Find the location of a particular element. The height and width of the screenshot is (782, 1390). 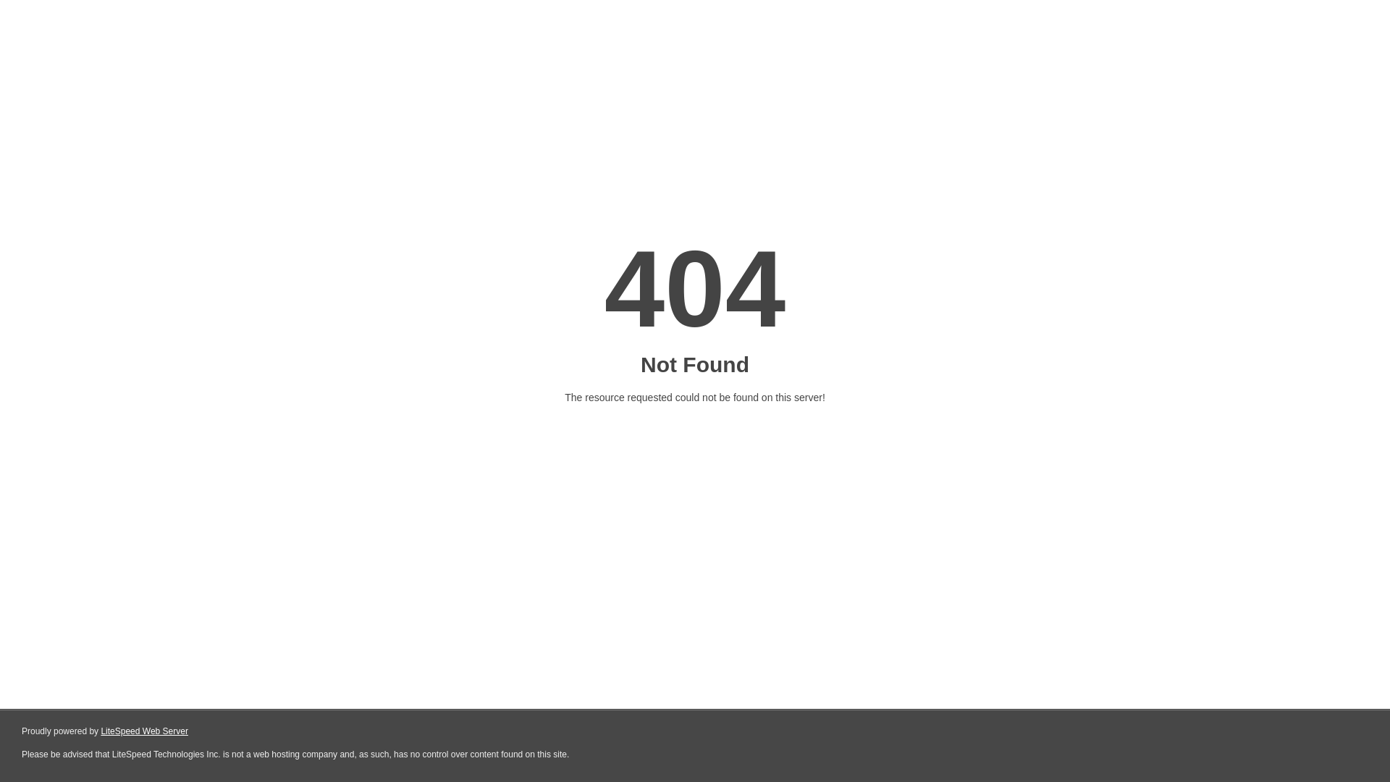

'LiteSpeed Web Server' is located at coordinates (100, 731).